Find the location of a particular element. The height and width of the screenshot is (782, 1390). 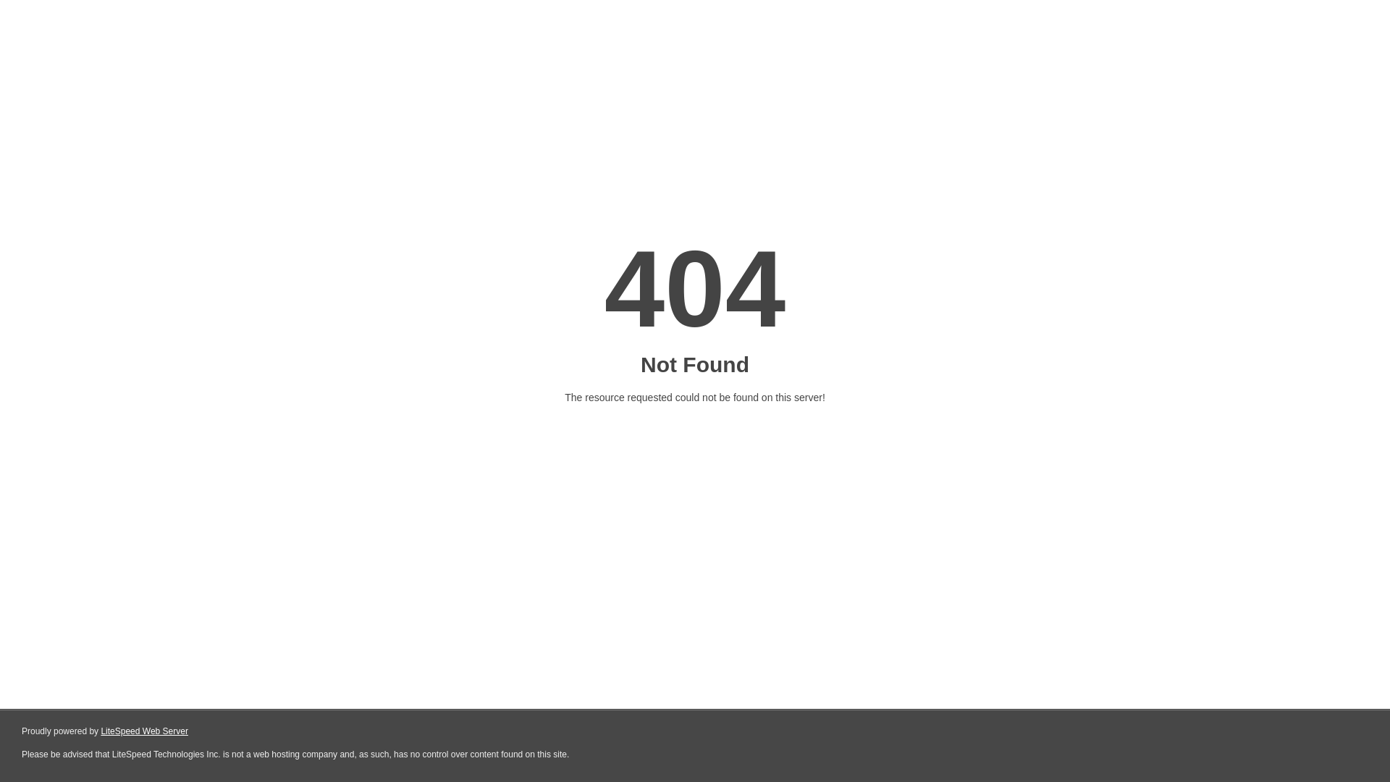

'LiteSpeed Web Server' is located at coordinates (100, 731).